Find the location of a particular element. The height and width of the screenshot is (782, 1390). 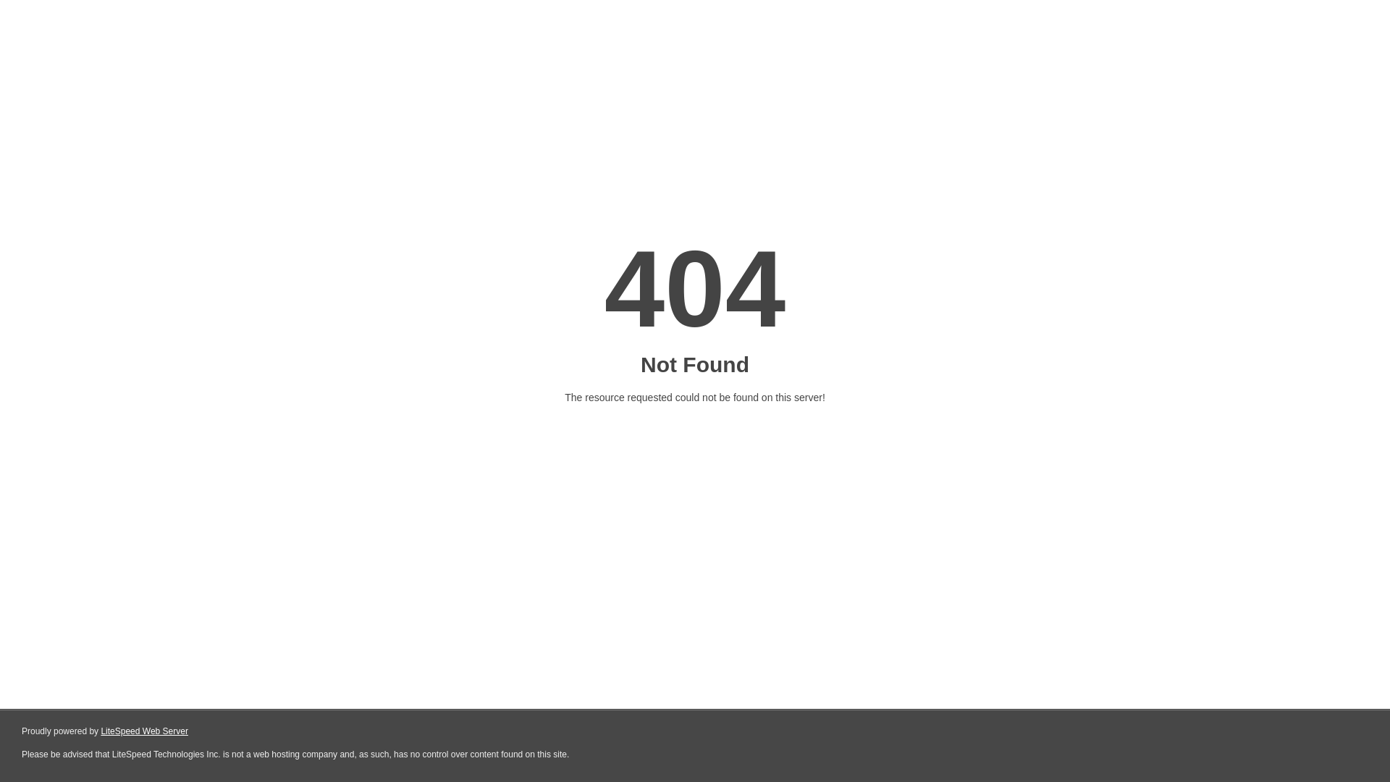

'LiteSpeed Web Server' is located at coordinates (100, 731).